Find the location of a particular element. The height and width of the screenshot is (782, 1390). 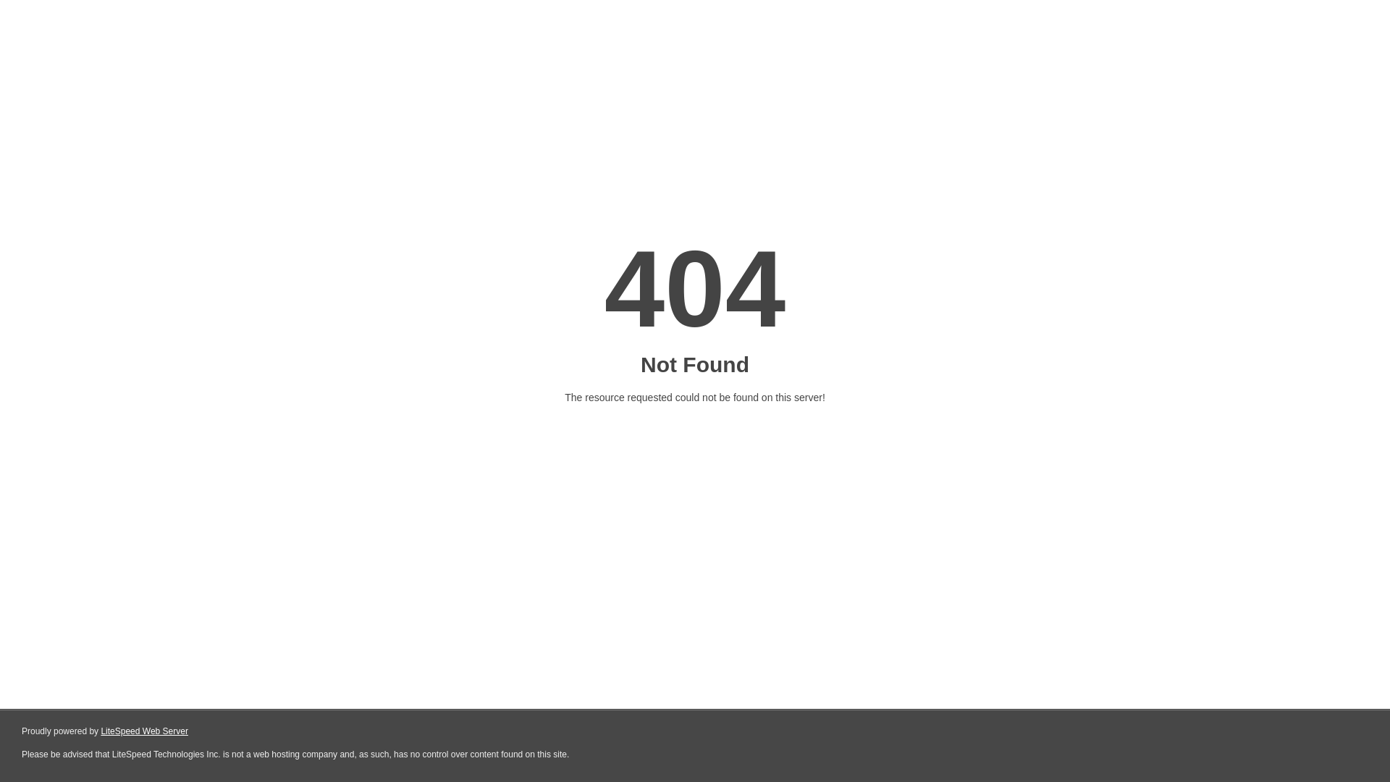

'LiteSpeed Web Server' is located at coordinates (100, 731).